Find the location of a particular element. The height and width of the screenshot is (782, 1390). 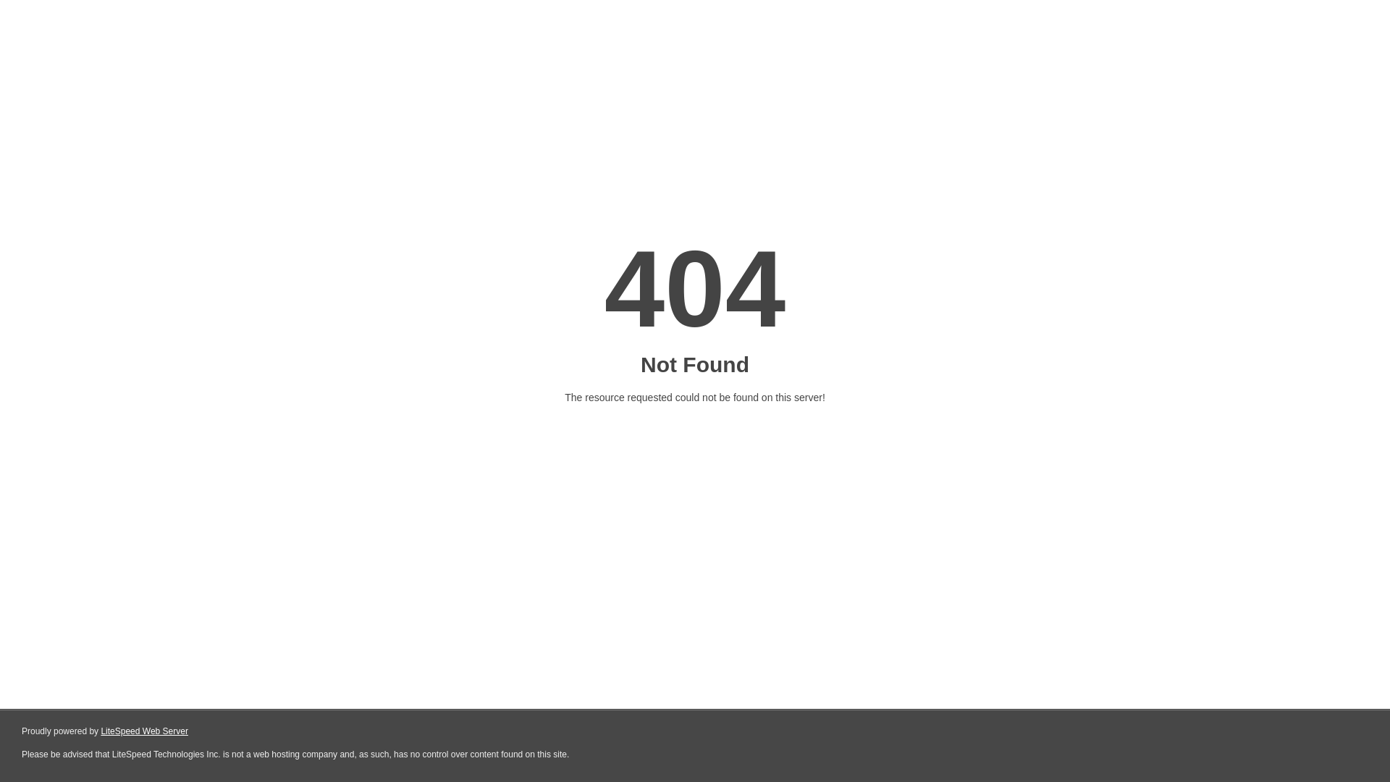

'LiteSpeed Web Server' is located at coordinates (100, 731).